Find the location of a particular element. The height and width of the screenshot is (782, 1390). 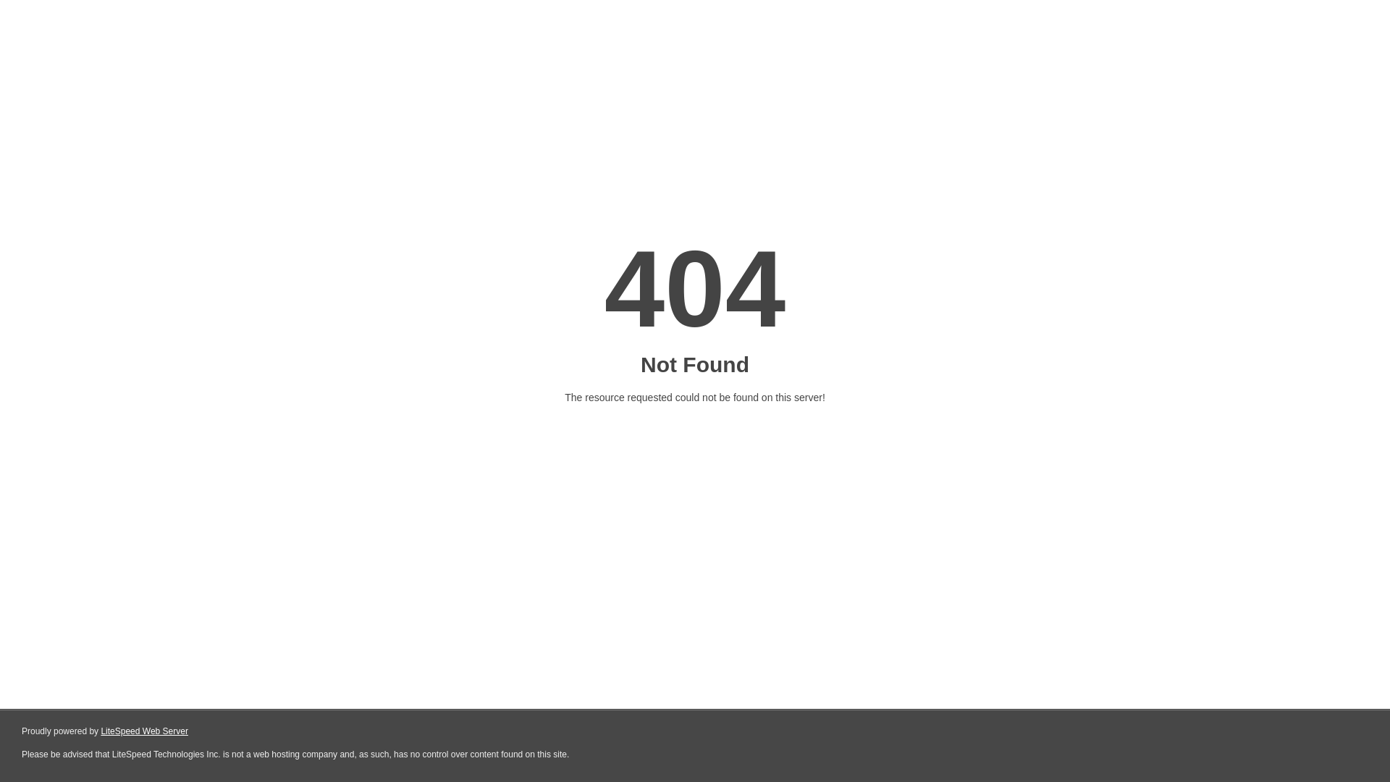

'LiteSpeed Web Server' is located at coordinates (100, 731).